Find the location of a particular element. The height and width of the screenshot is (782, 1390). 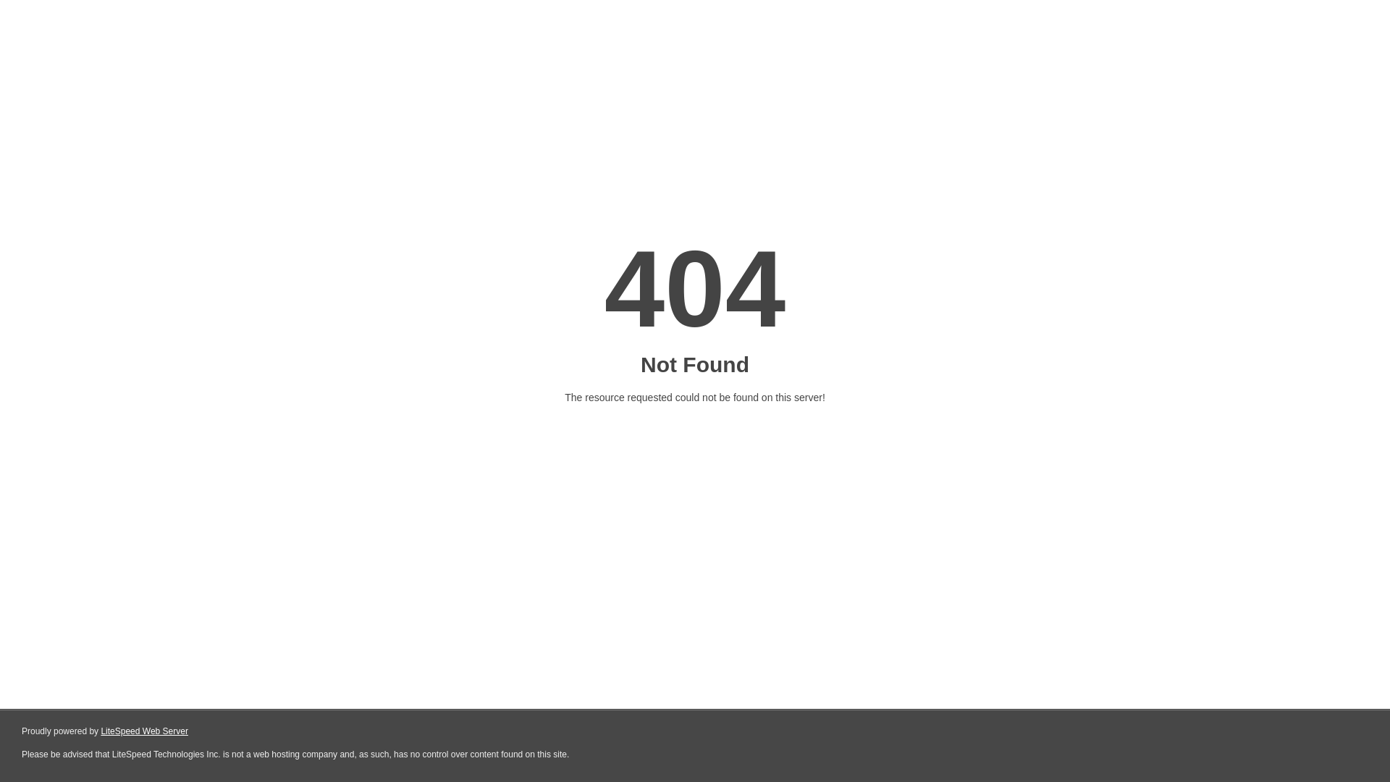

'LiteSpeed Web Server' is located at coordinates (100, 731).